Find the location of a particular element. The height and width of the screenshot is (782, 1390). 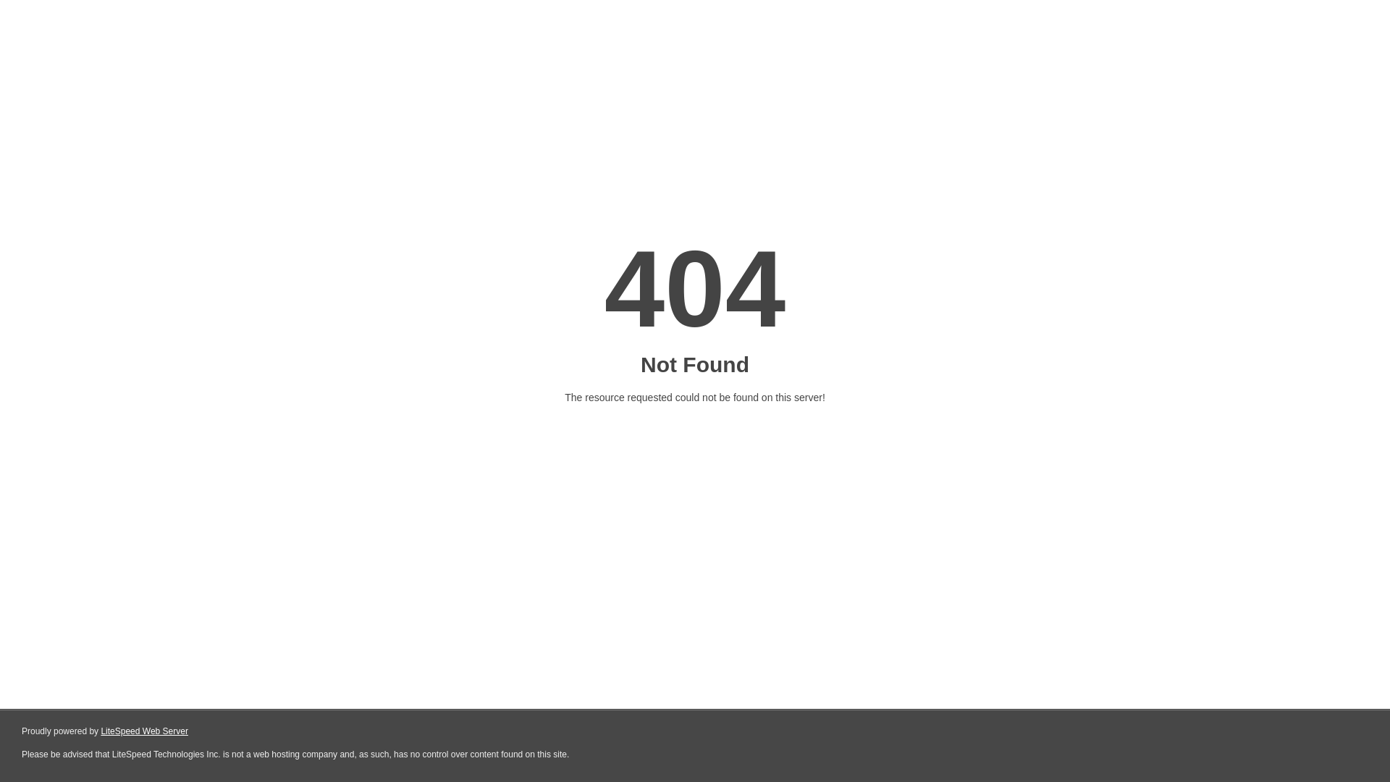

'LiteSpeed Web Server' is located at coordinates (100, 731).